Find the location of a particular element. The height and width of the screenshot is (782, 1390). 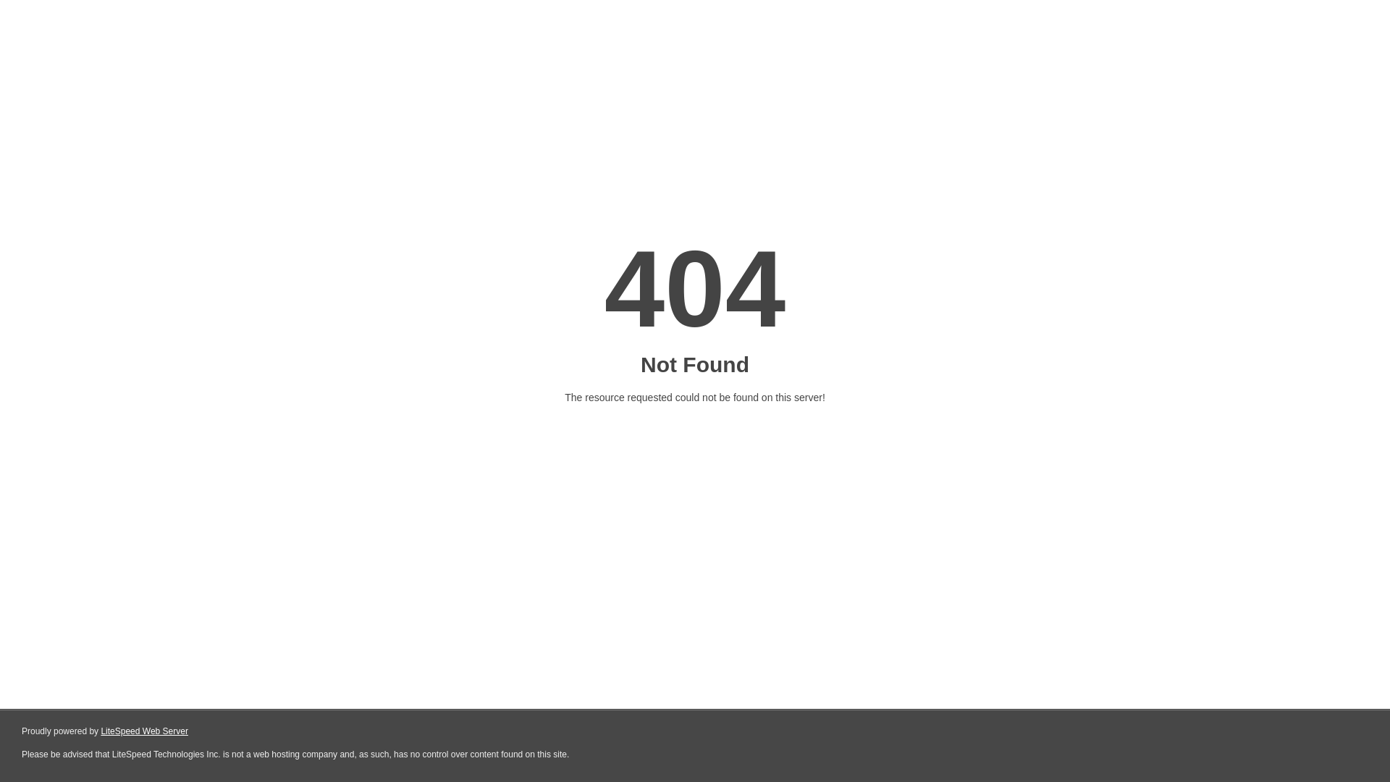

'LiteSpeed Web Server' is located at coordinates (100, 731).